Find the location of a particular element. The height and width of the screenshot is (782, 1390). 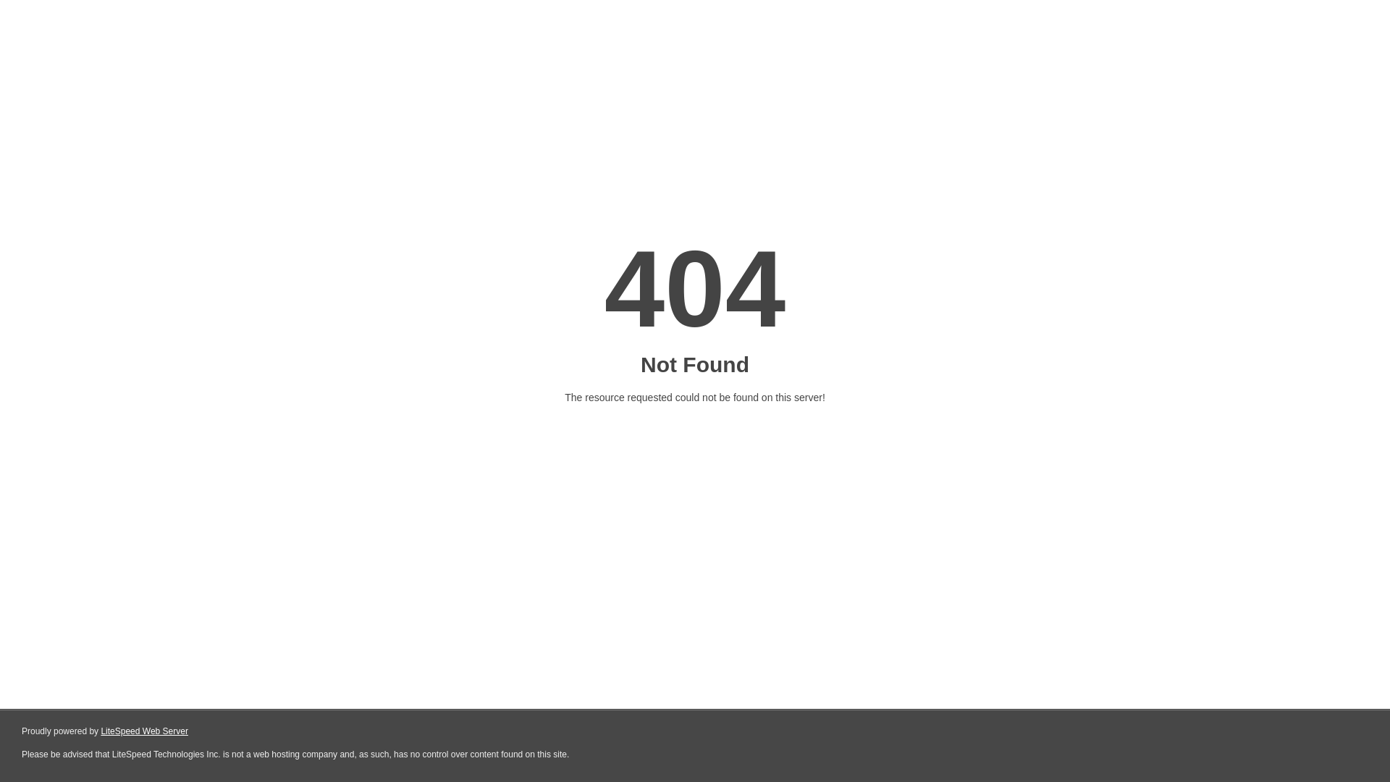

'LiteSpeed Web Server' is located at coordinates (100, 731).